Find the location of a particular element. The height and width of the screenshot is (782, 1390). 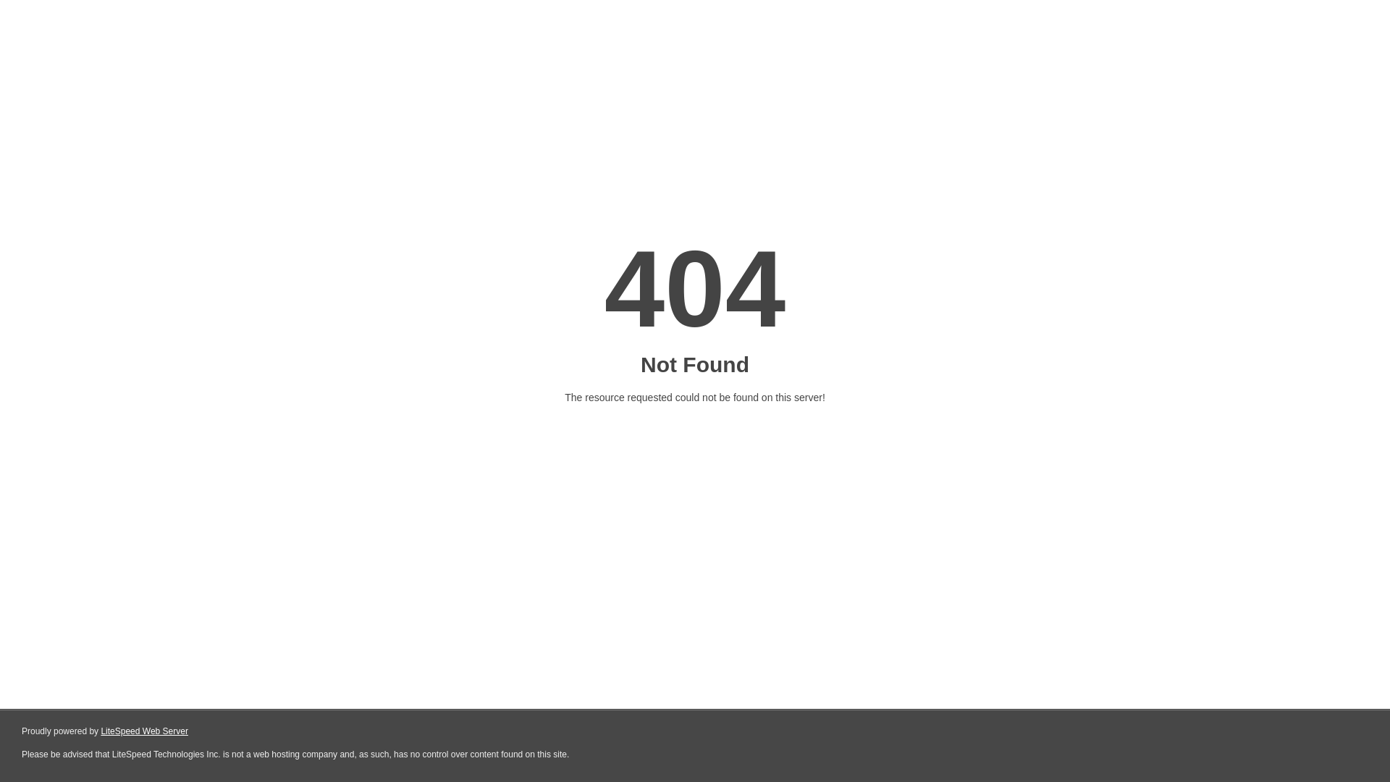

'LiteSpeed Web Server' is located at coordinates (100, 731).